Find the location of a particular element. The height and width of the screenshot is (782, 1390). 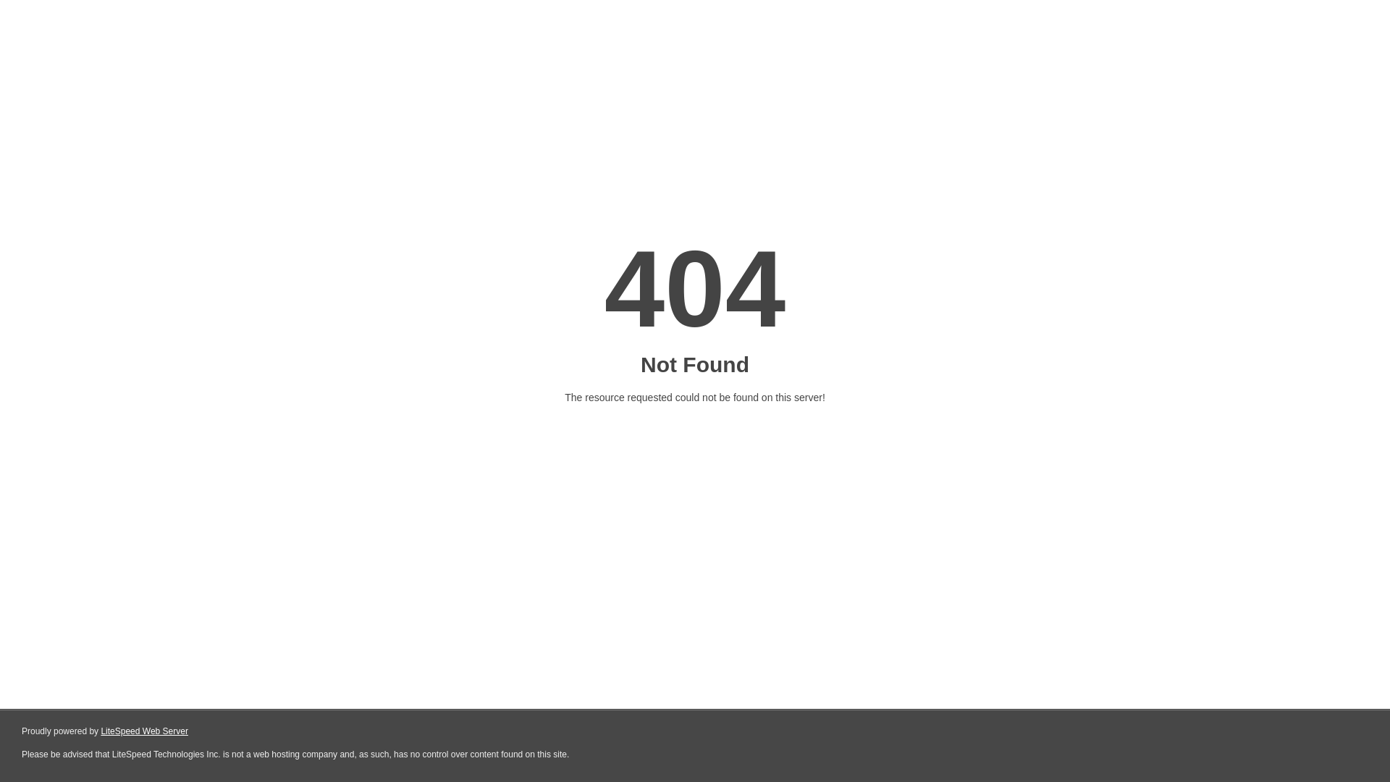

'LiteSpeed Web Server' is located at coordinates (100, 731).